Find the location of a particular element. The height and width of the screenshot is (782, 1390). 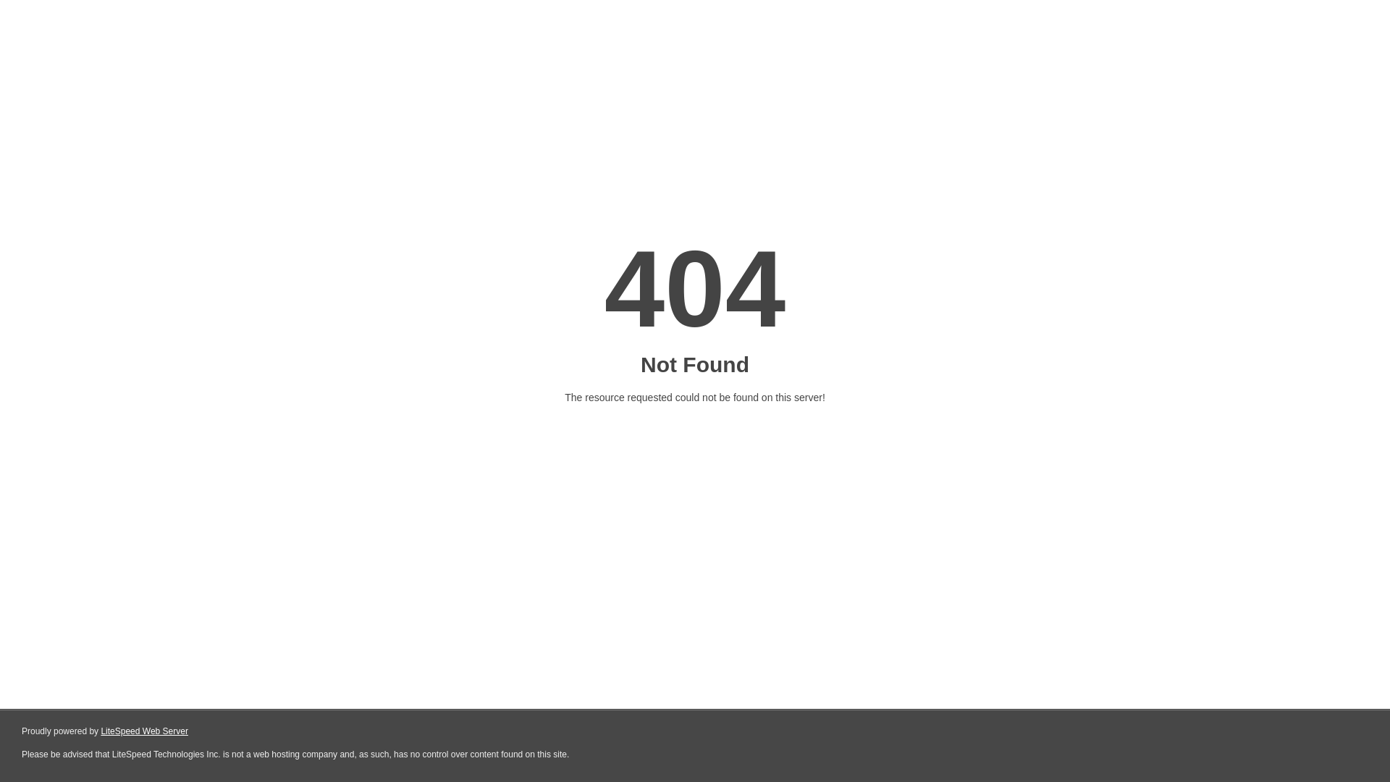

'LiteSpeed Web Server' is located at coordinates (100, 731).